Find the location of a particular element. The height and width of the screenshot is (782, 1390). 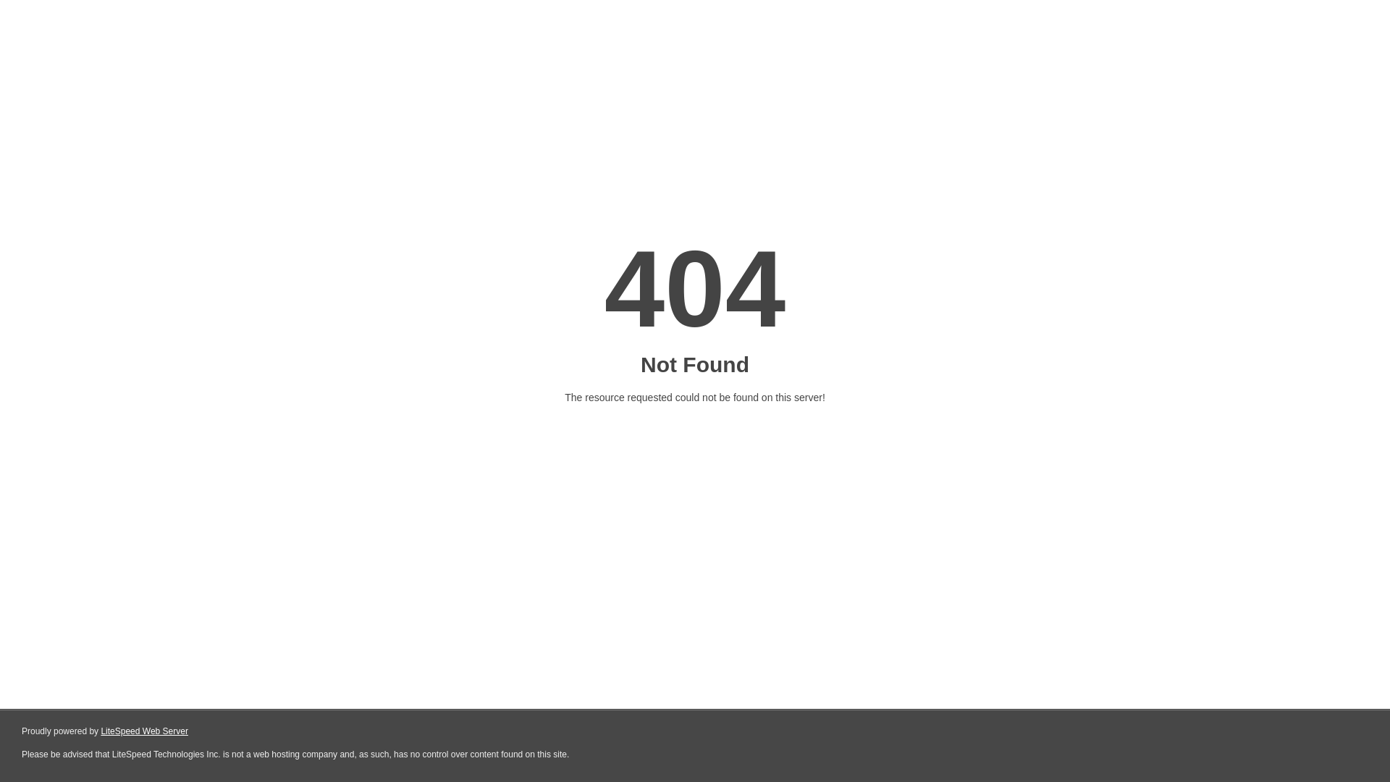

'LiteSpeed Web Server' is located at coordinates (100, 731).